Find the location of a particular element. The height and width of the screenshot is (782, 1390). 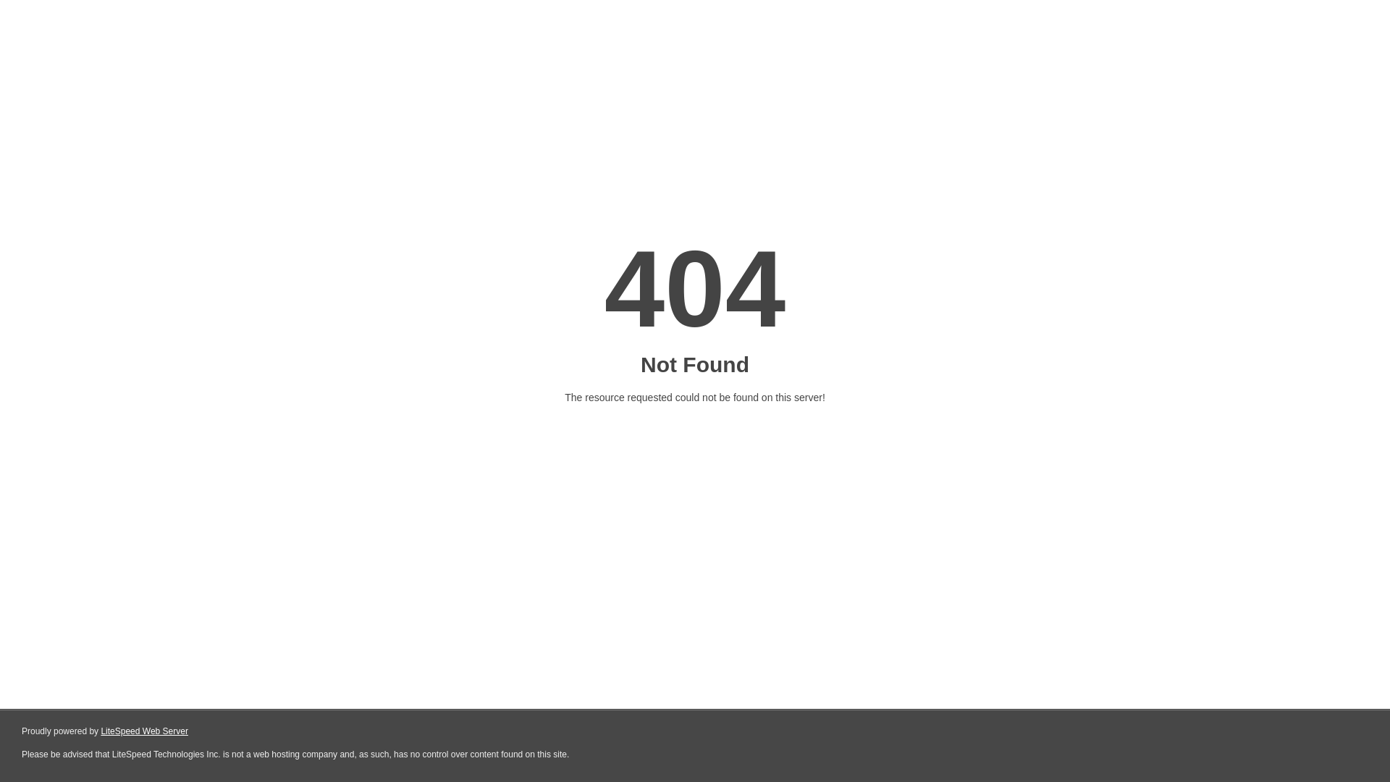

'LiteSpeed Web Server' is located at coordinates (100, 731).